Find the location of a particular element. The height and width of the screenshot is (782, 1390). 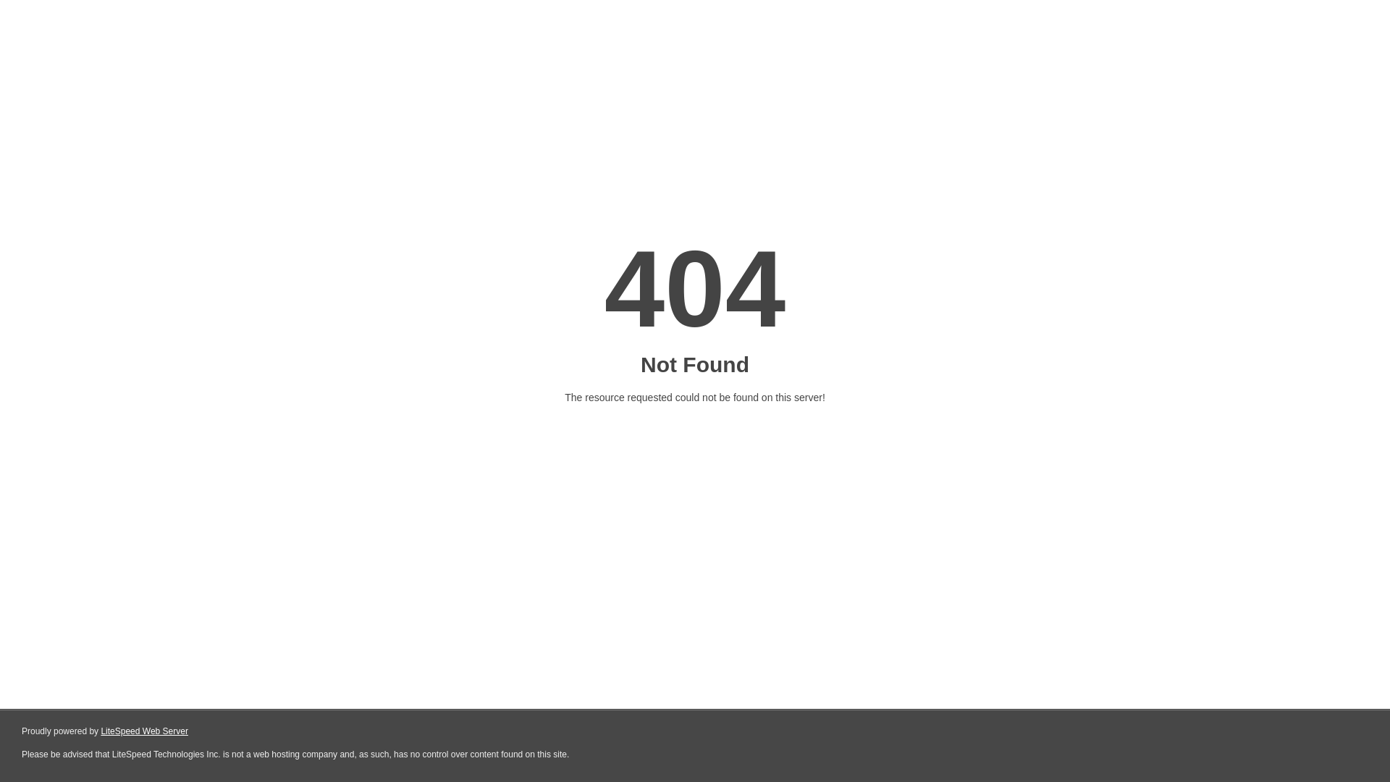

'LiteSpeed Web Server' is located at coordinates (100, 731).